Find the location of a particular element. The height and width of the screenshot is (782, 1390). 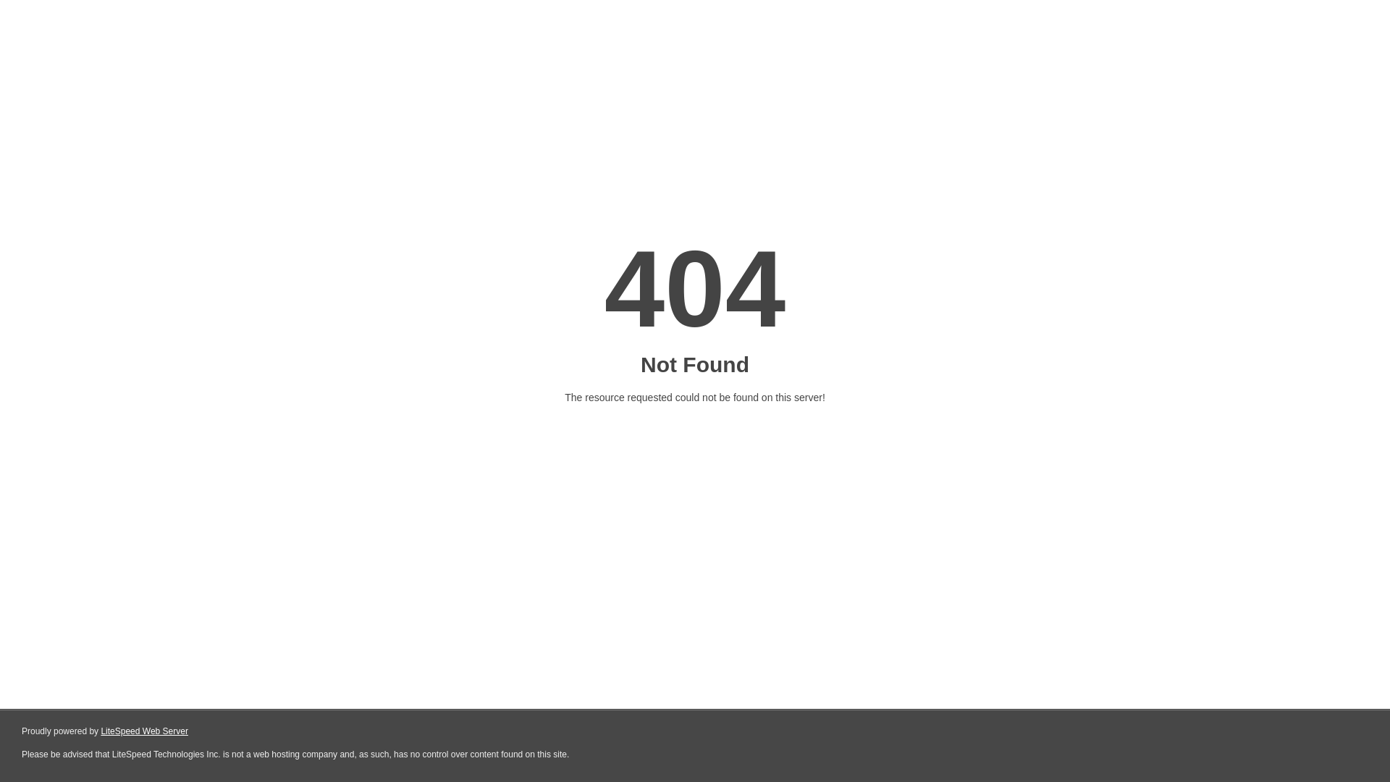

'LiteSpeed Web Server' is located at coordinates (100, 731).